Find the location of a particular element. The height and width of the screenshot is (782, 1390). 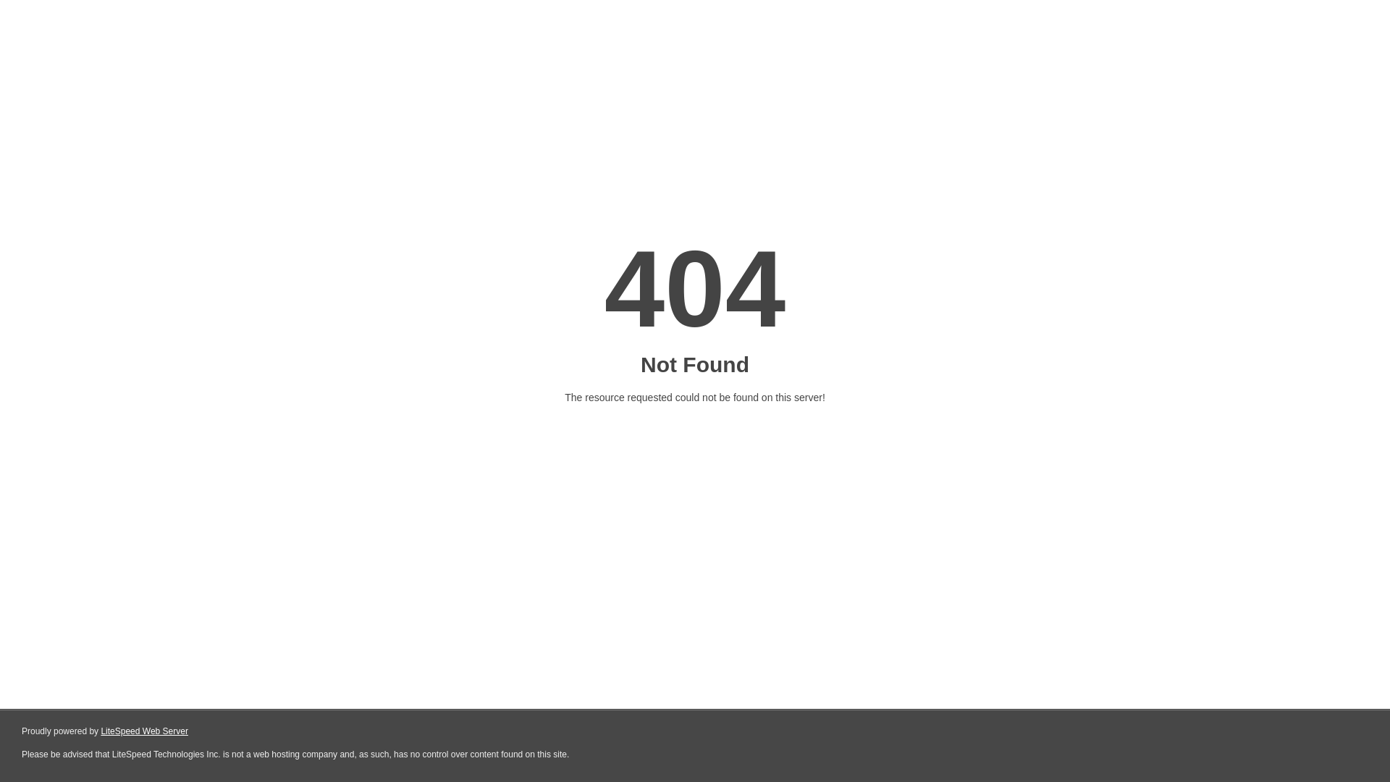

'LiteSpeed Web Server' is located at coordinates (100, 731).